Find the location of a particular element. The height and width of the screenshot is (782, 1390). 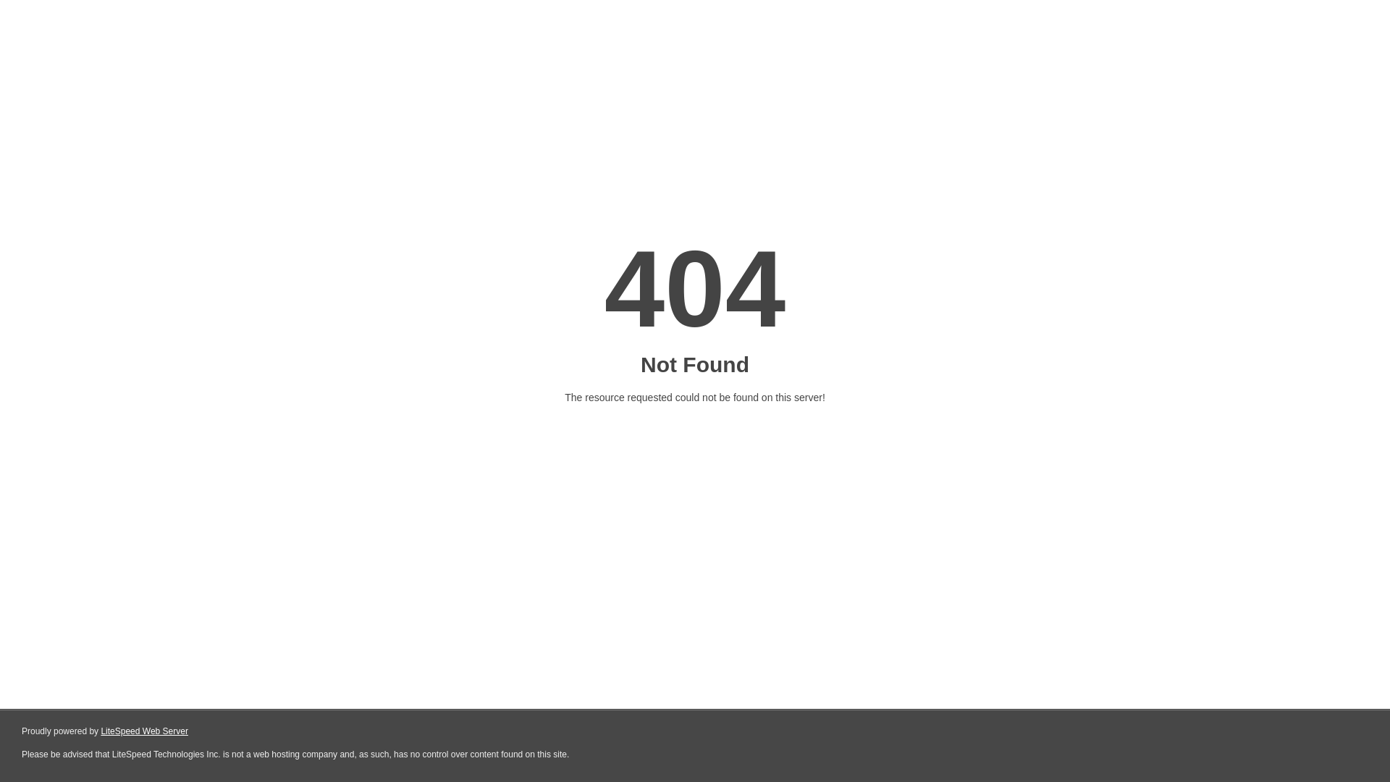

'LiteSpeed Web Server' is located at coordinates (100, 731).